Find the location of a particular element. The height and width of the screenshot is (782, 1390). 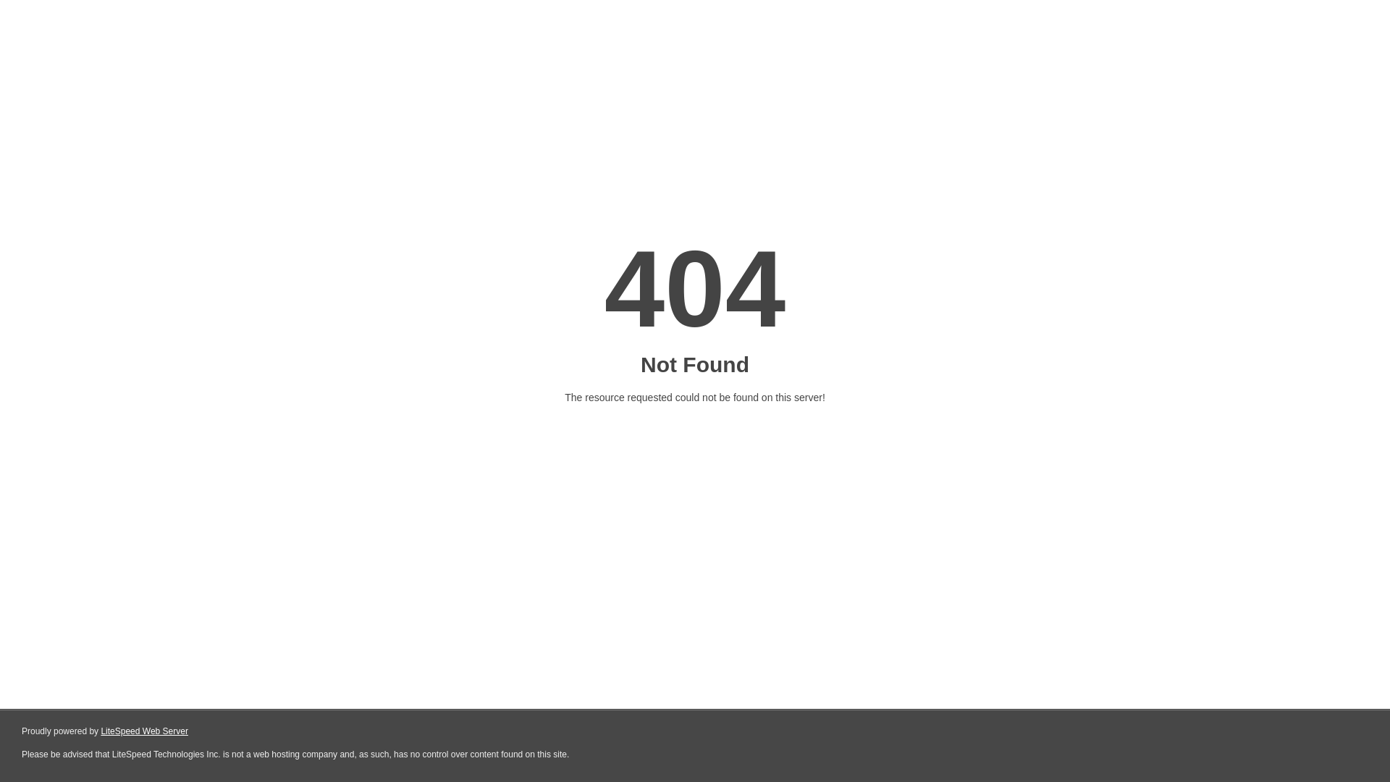

'LiteSpeed Web Server' is located at coordinates (100, 731).